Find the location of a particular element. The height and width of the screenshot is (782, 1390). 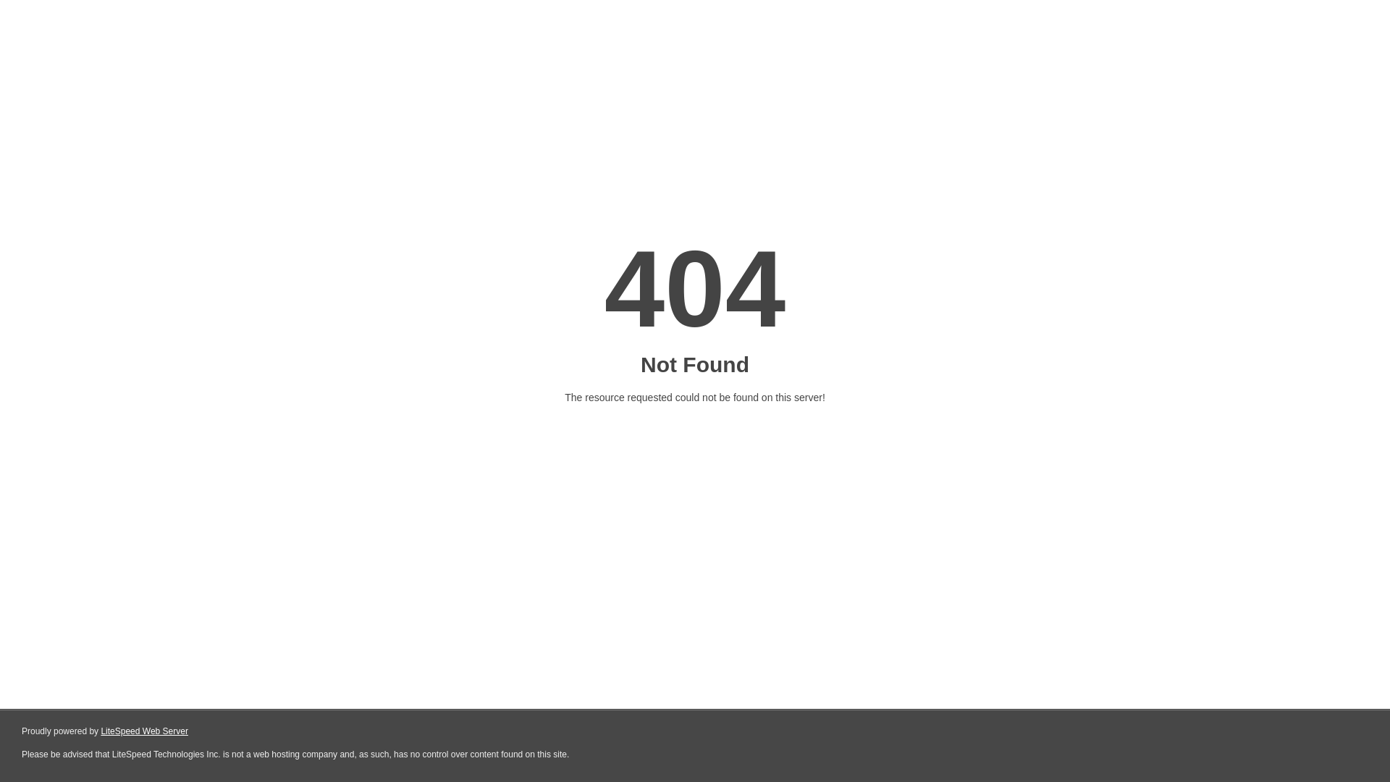

'LiteSpeed Web Server' is located at coordinates (100, 731).